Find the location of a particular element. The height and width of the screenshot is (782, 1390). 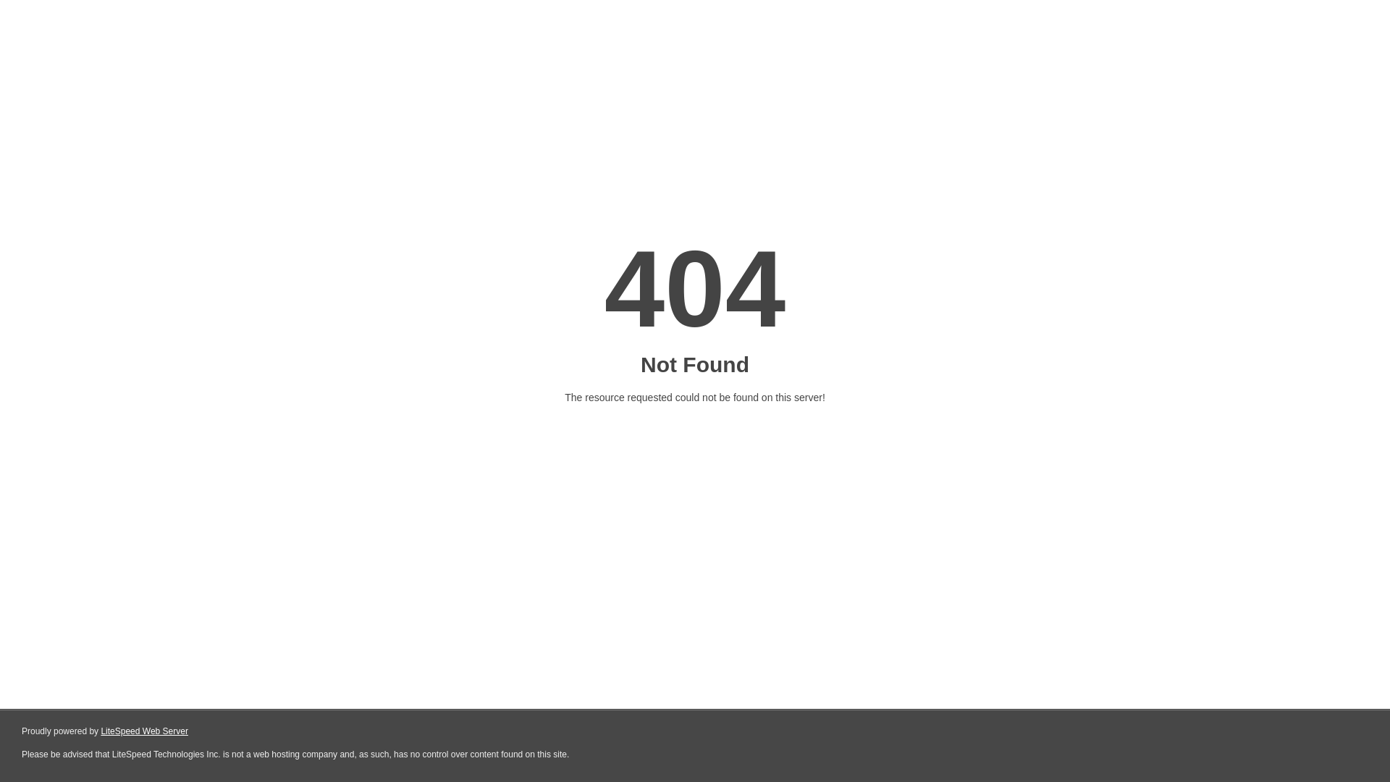

'LiteSpeed Web Server' is located at coordinates (100, 731).